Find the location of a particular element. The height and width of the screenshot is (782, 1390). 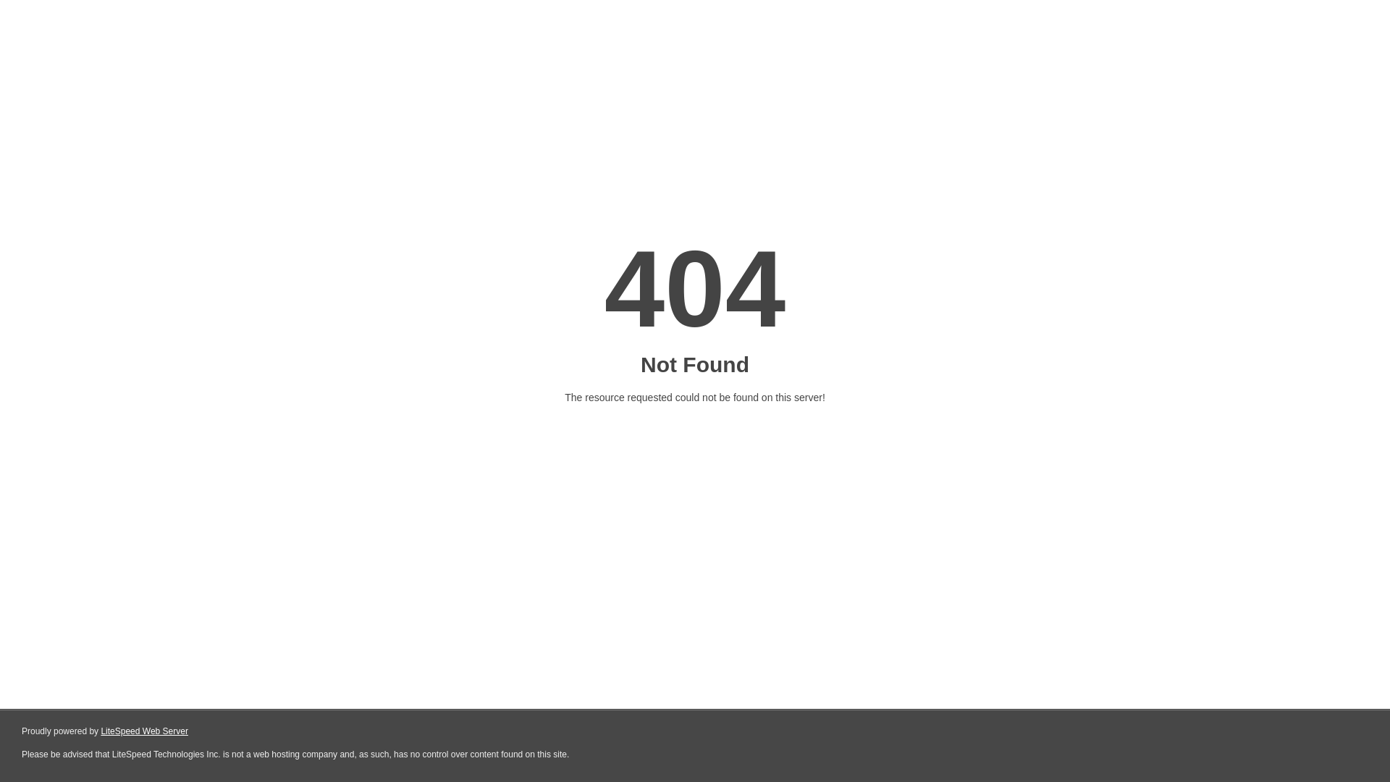

'LiteSpeed Web Server' is located at coordinates (100, 731).